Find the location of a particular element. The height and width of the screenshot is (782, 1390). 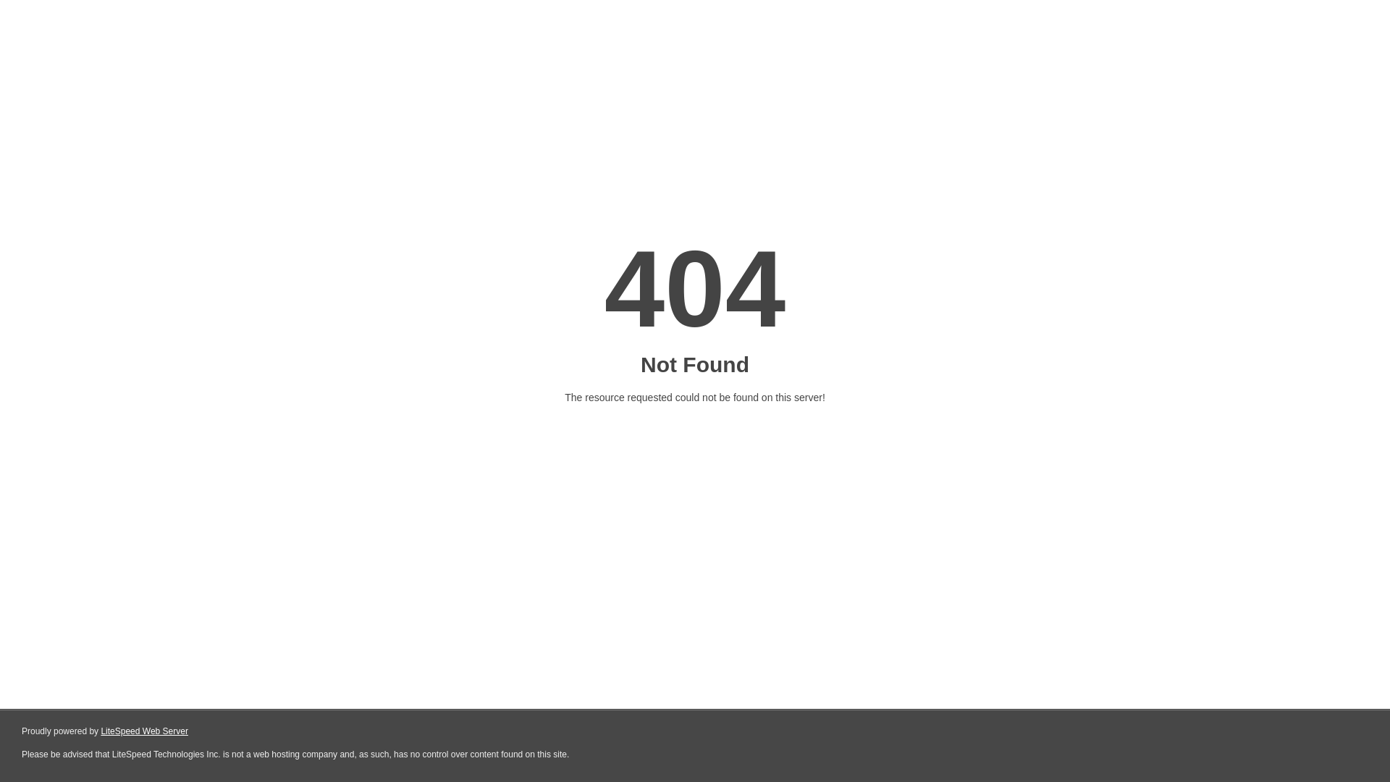

'LiteSpeed Web Server' is located at coordinates (100, 731).